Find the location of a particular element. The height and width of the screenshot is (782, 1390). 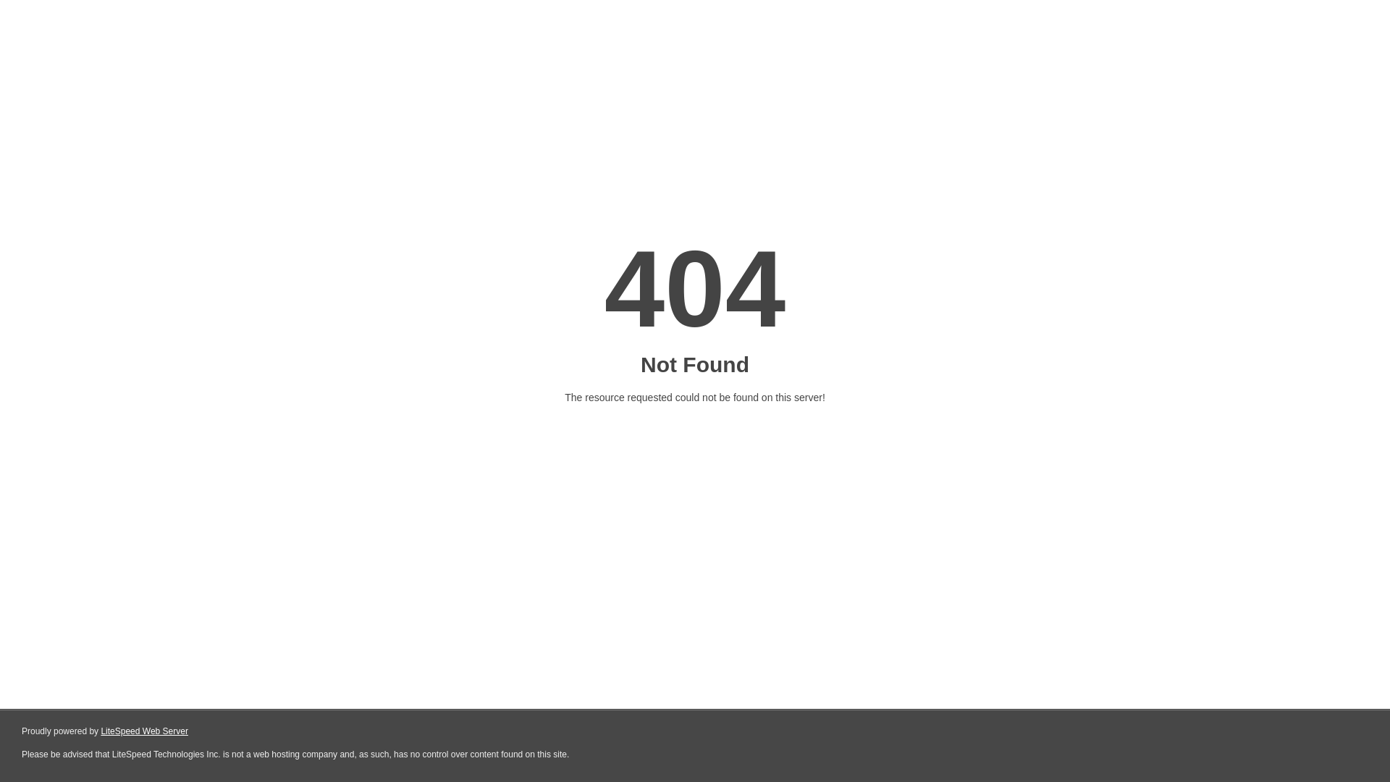

'LiteSpeed Web Server' is located at coordinates (100, 731).